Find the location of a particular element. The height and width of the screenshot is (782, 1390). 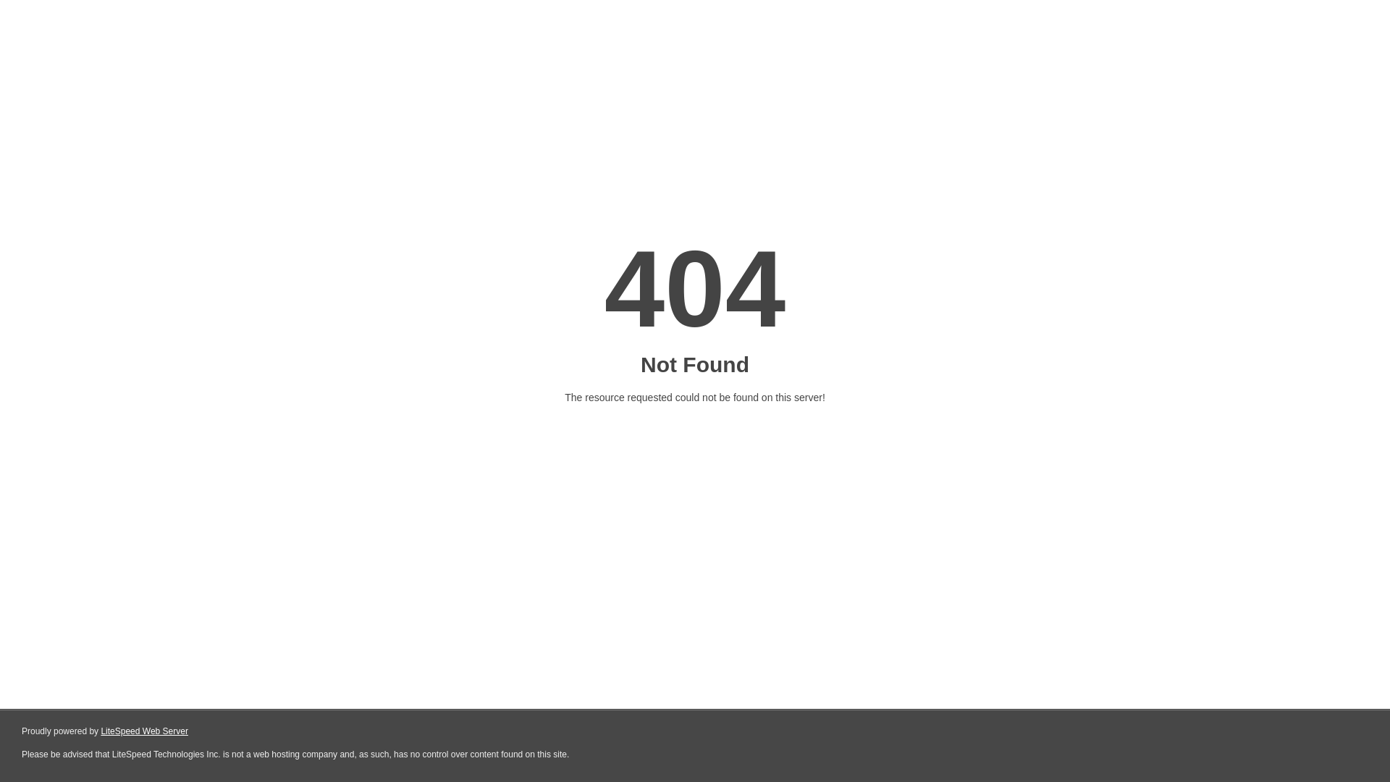

'LiteSpeed Web Server' is located at coordinates (100, 731).